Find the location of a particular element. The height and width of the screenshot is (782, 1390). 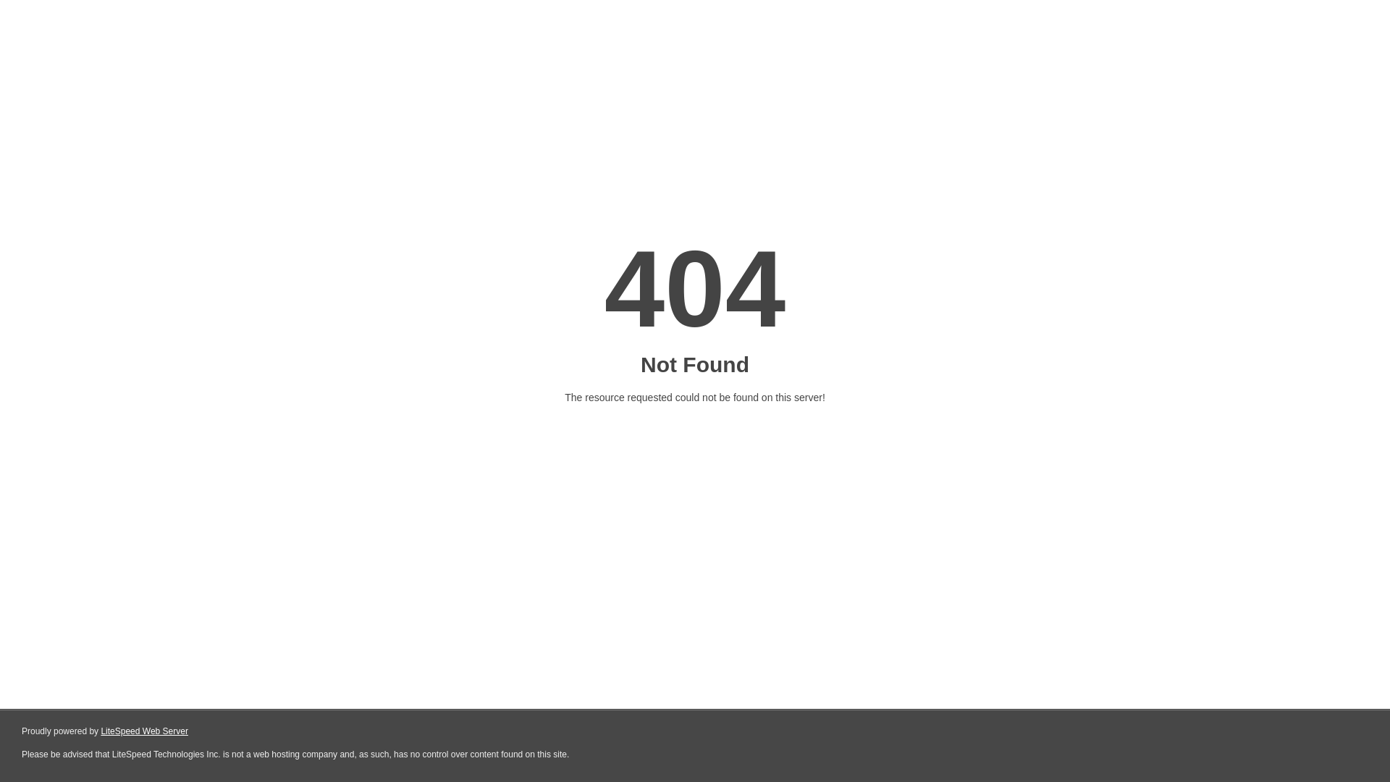

'LiteSpeed Web Server' is located at coordinates (100, 731).